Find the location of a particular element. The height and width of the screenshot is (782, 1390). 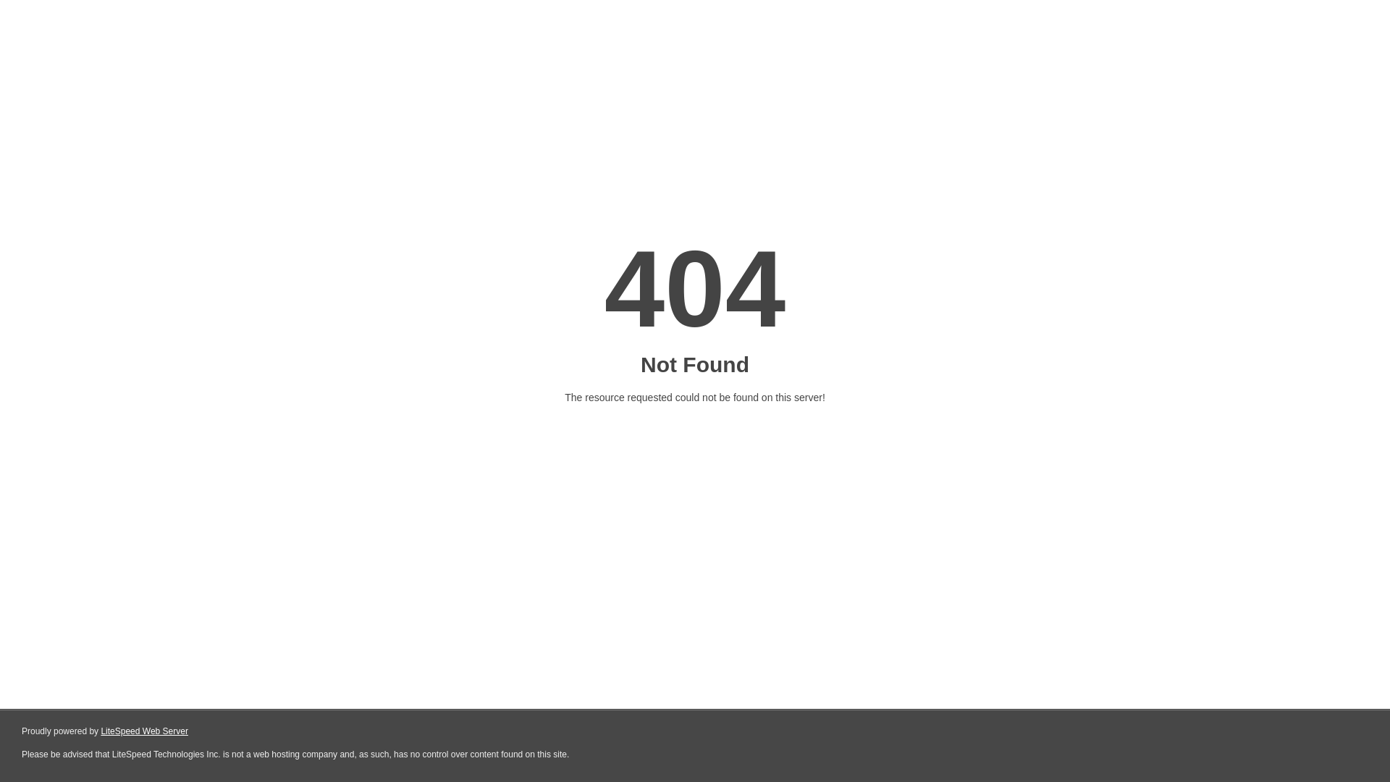

'LiteSpeed Web Server' is located at coordinates (100, 731).